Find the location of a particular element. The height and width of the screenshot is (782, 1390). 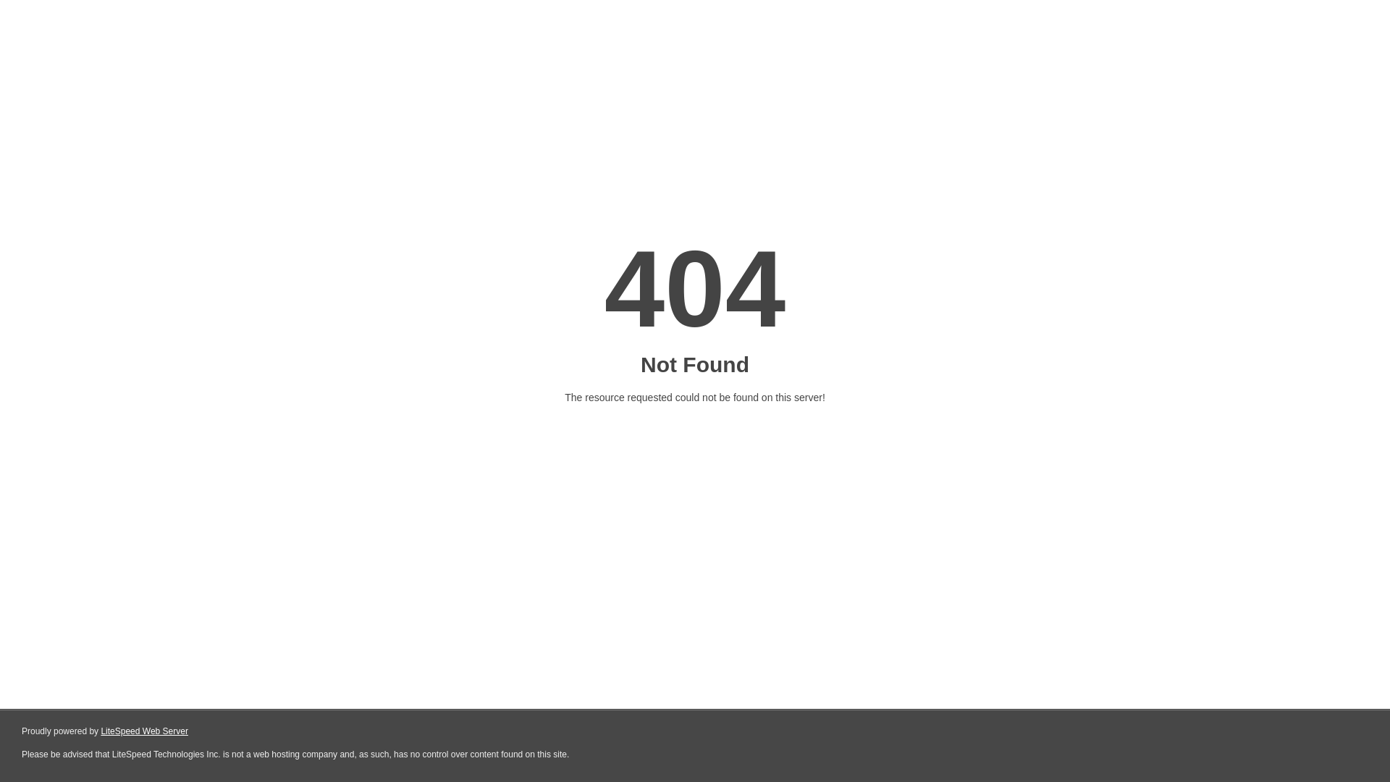

'LiteSpeed Web Server' is located at coordinates (100, 731).